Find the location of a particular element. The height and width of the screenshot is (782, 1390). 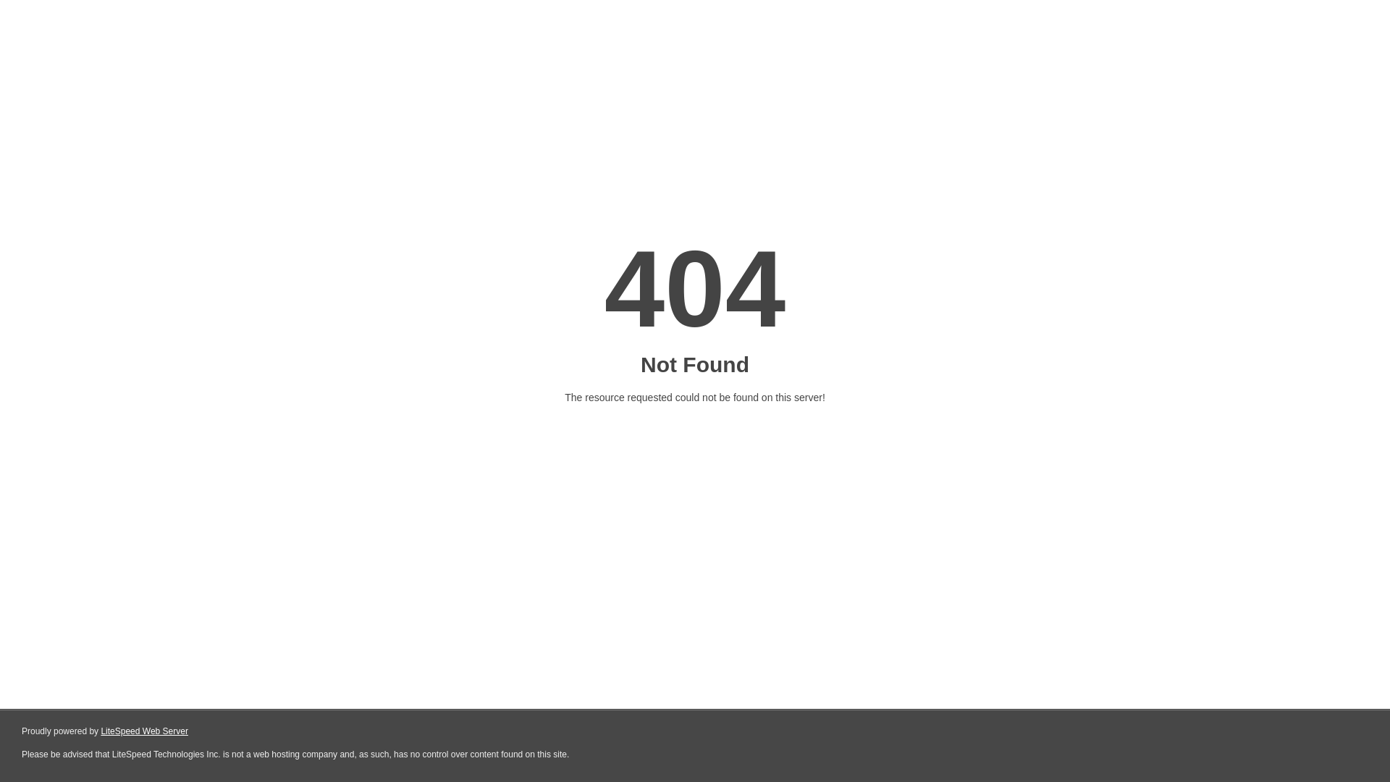

'LiteSpeed Web Server' is located at coordinates (100, 731).